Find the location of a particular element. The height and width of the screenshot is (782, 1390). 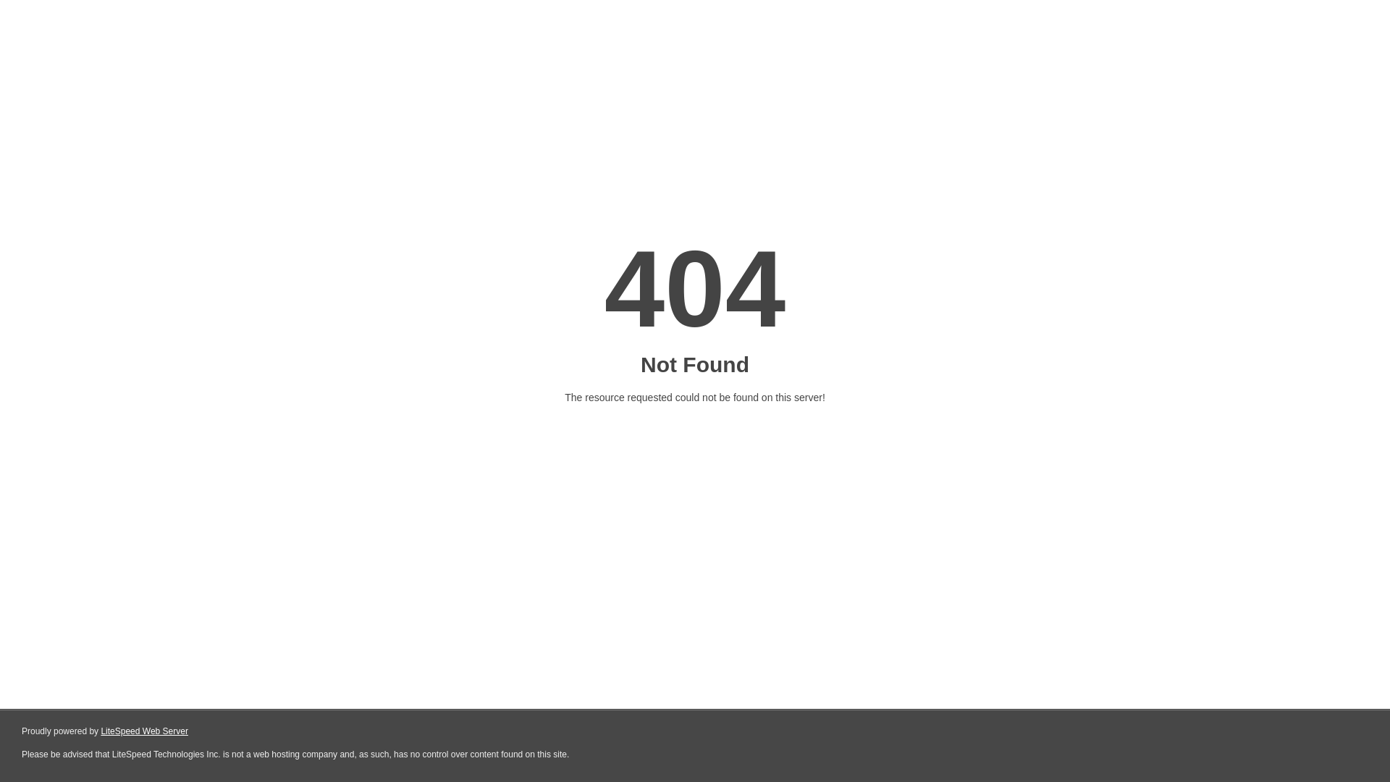

'LiteSpeed Web Server' is located at coordinates (100, 731).